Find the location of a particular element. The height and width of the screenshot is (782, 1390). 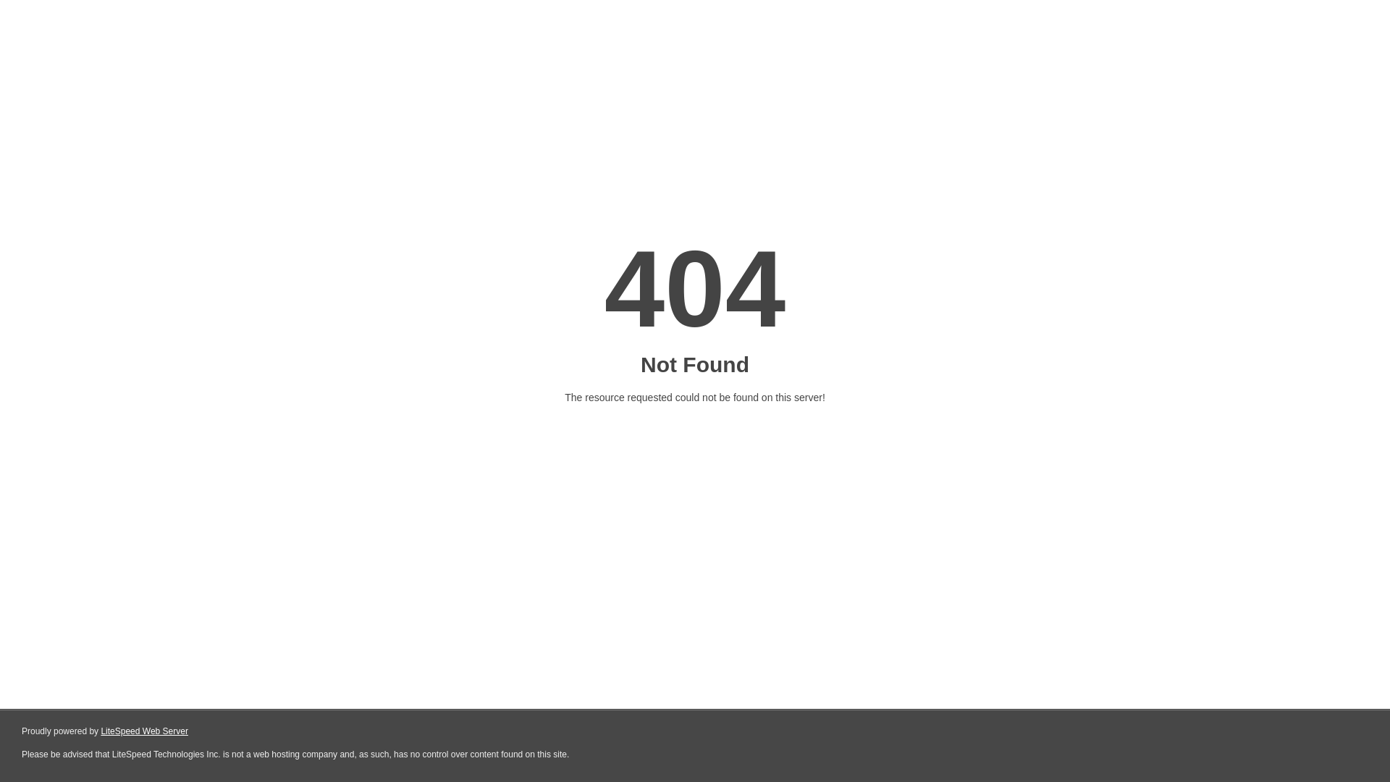

'LiteSpeed Web Server' is located at coordinates (100, 731).